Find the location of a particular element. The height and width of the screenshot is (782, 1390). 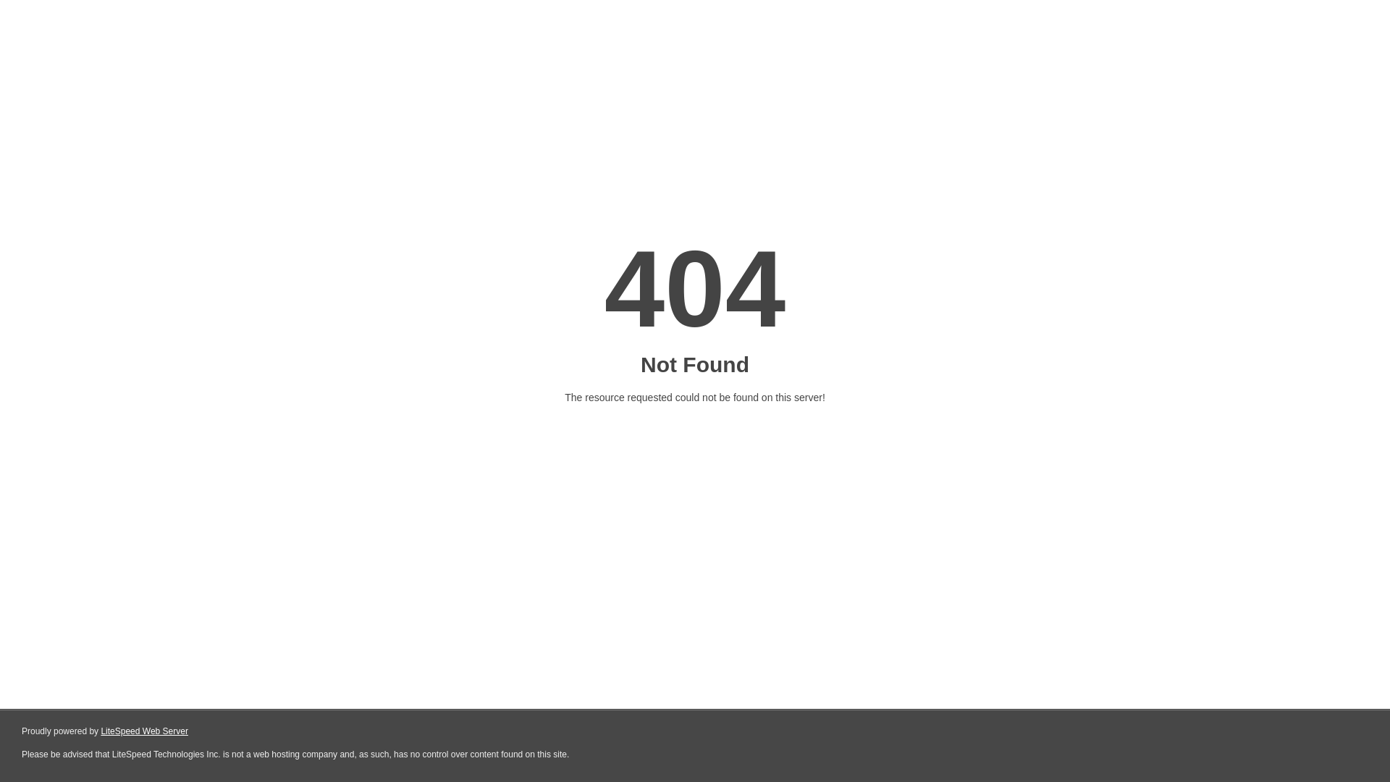

'LiteSpeed Web Server' is located at coordinates (100, 731).